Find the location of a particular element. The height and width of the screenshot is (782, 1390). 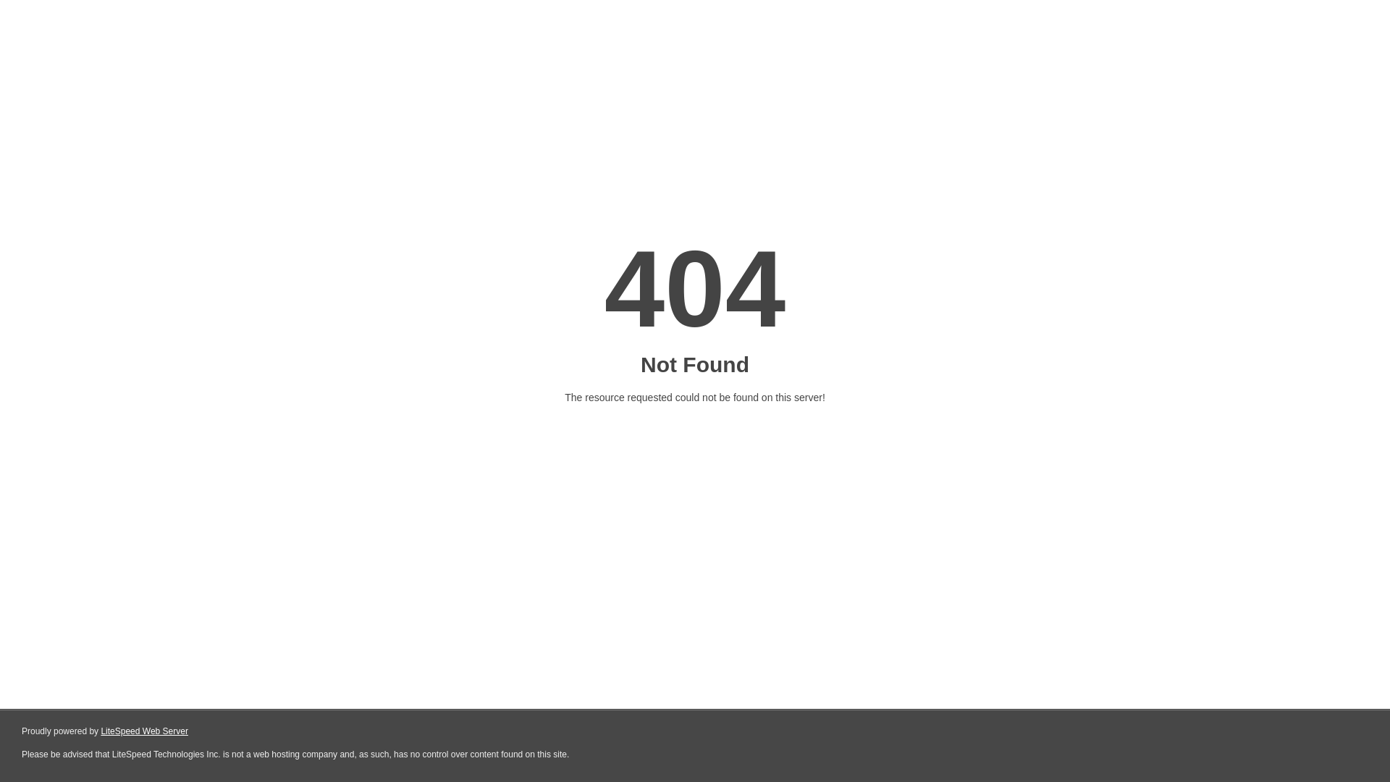

'LiteSpeed Web Server' is located at coordinates (100, 731).